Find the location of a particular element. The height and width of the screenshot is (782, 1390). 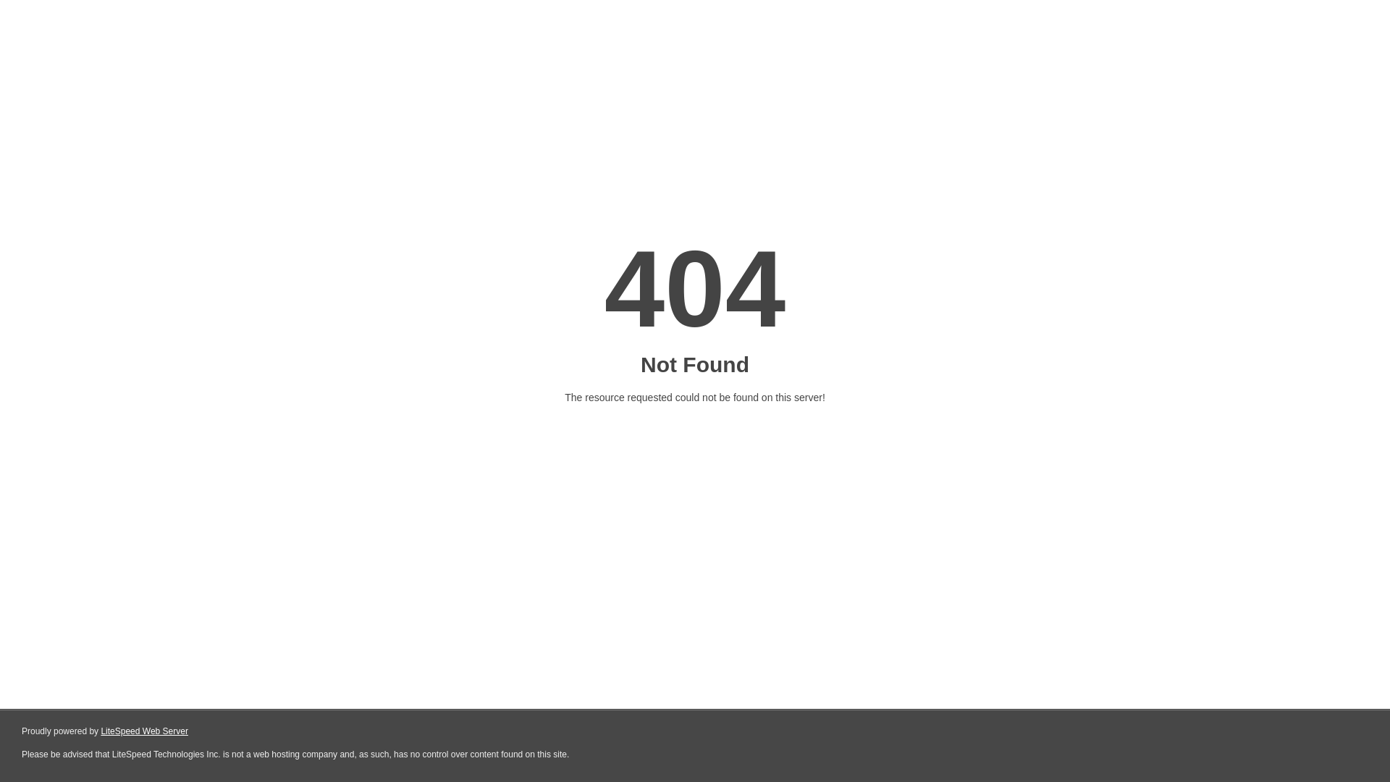

'LiteSpeed Web Server' is located at coordinates (100, 731).